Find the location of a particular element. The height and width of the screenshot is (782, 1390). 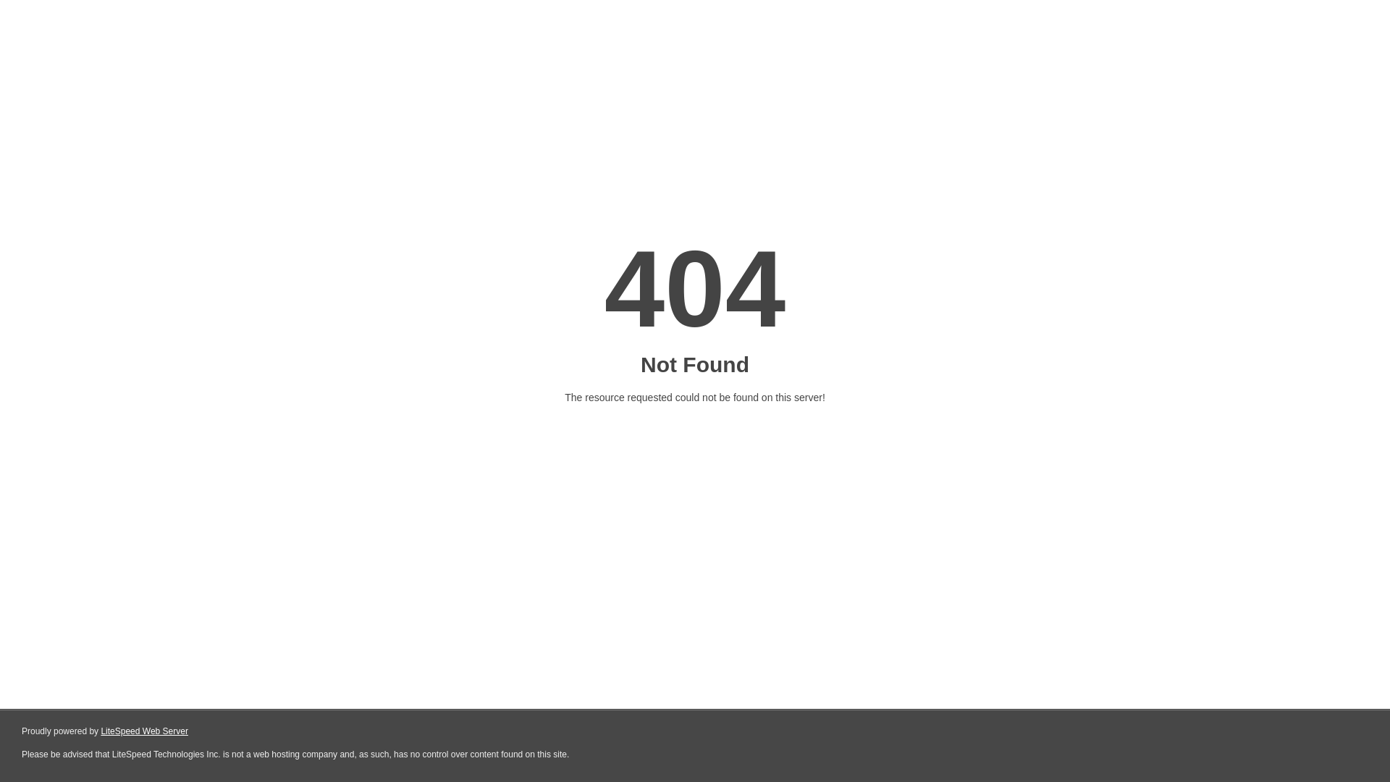

'LiteSpeed Web Server' is located at coordinates (100, 731).